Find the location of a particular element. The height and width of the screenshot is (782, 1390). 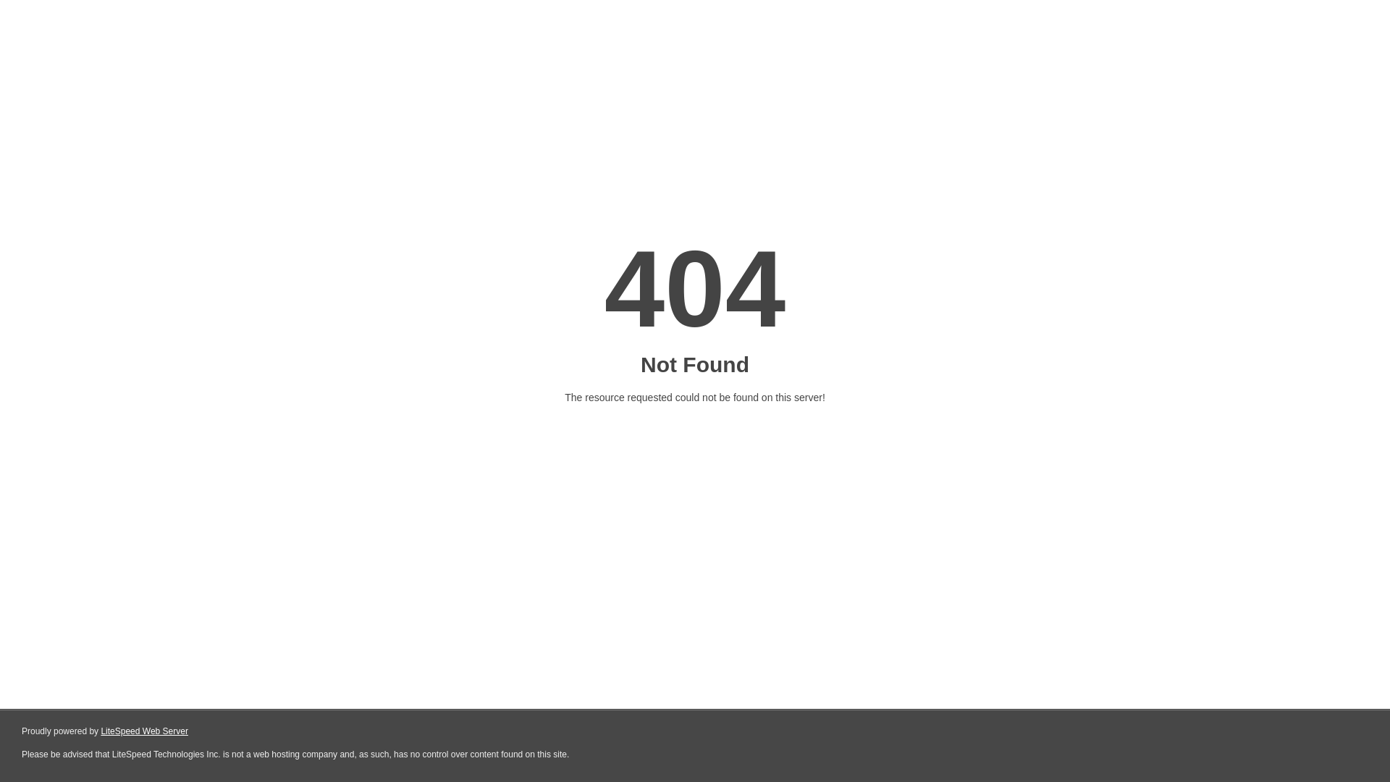

'LiteSpeed Web Server' is located at coordinates (100, 731).